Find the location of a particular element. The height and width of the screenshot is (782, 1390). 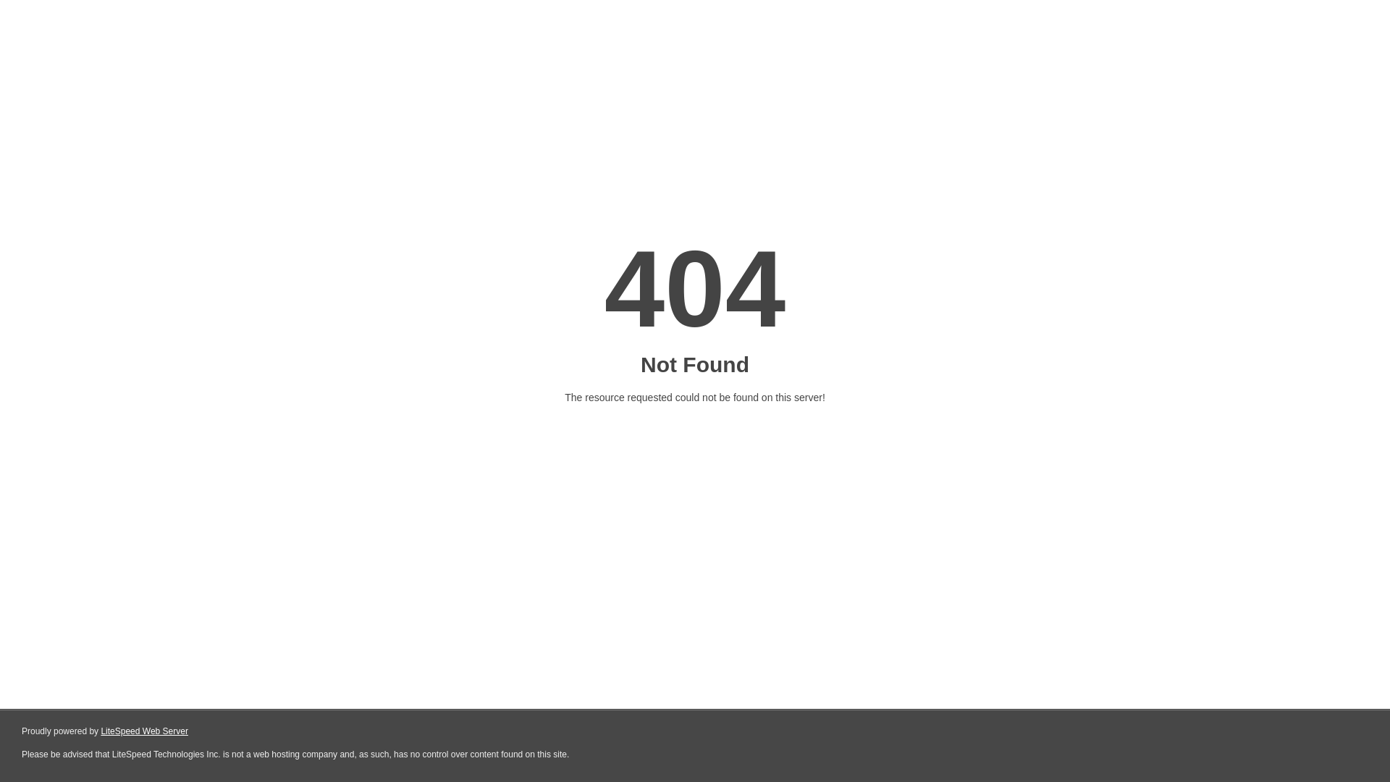

'LiteSpeed Web Server' is located at coordinates (100, 731).